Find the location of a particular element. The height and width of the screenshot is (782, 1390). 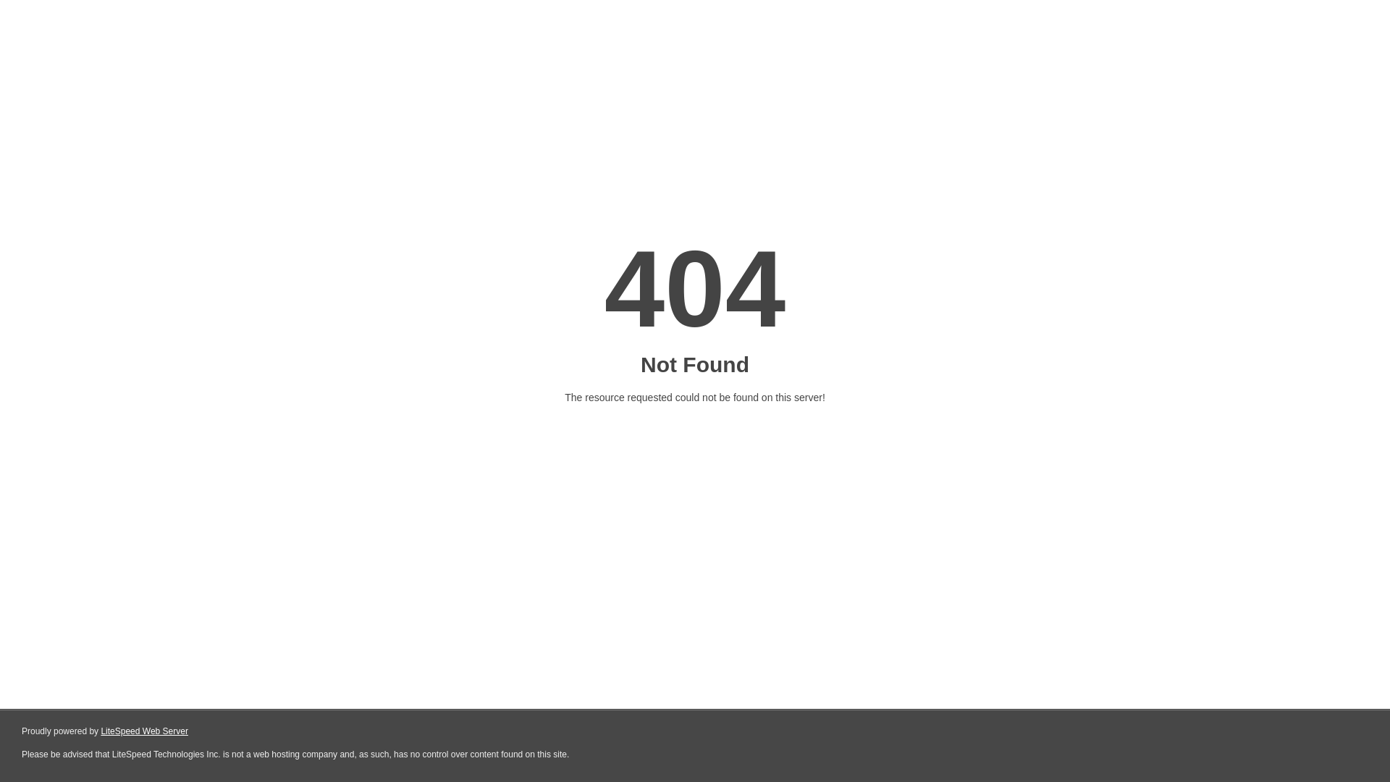

'LiteSpeed Web Server' is located at coordinates (100, 731).